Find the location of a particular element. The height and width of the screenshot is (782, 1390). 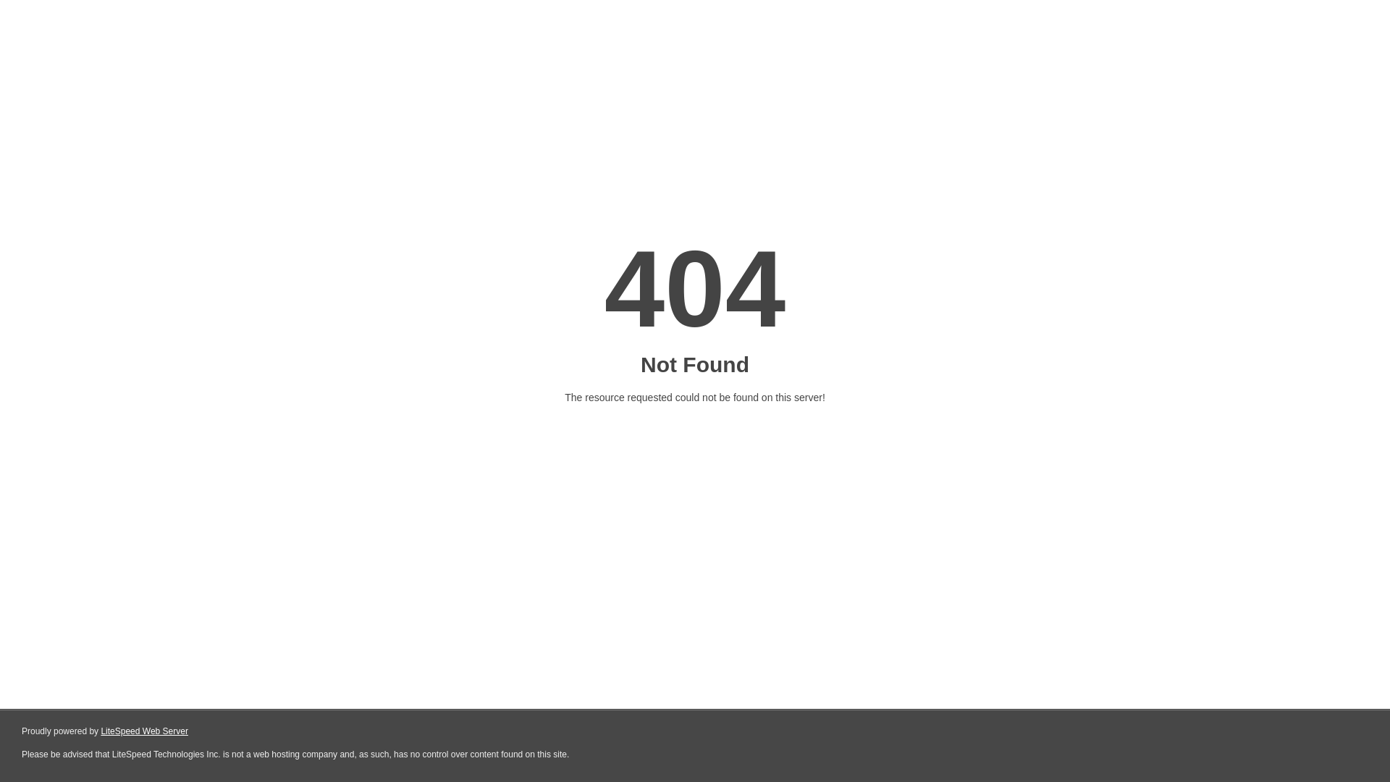

'LiteSpeed Web Server' is located at coordinates (100, 731).